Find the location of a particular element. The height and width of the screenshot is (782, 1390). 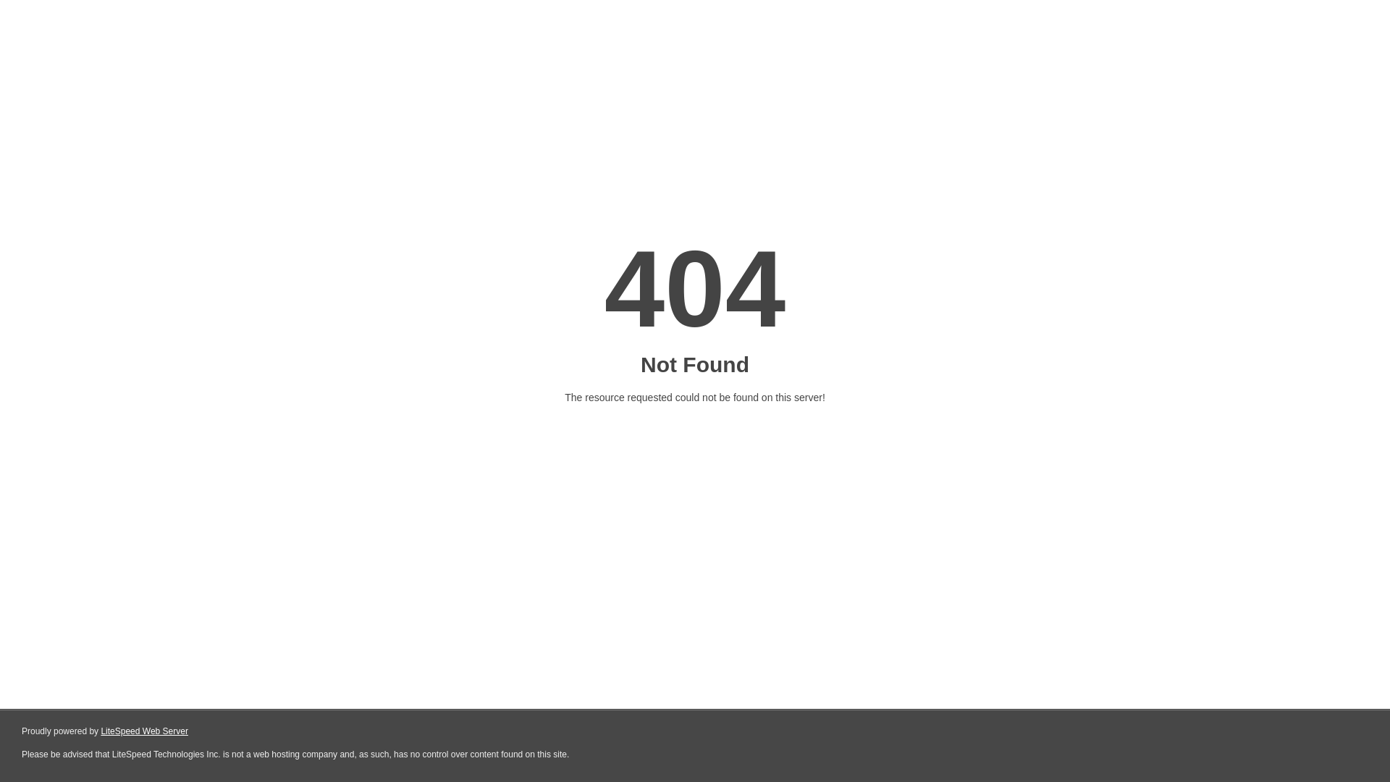

'LiteSpeed Web Server' is located at coordinates (100, 731).